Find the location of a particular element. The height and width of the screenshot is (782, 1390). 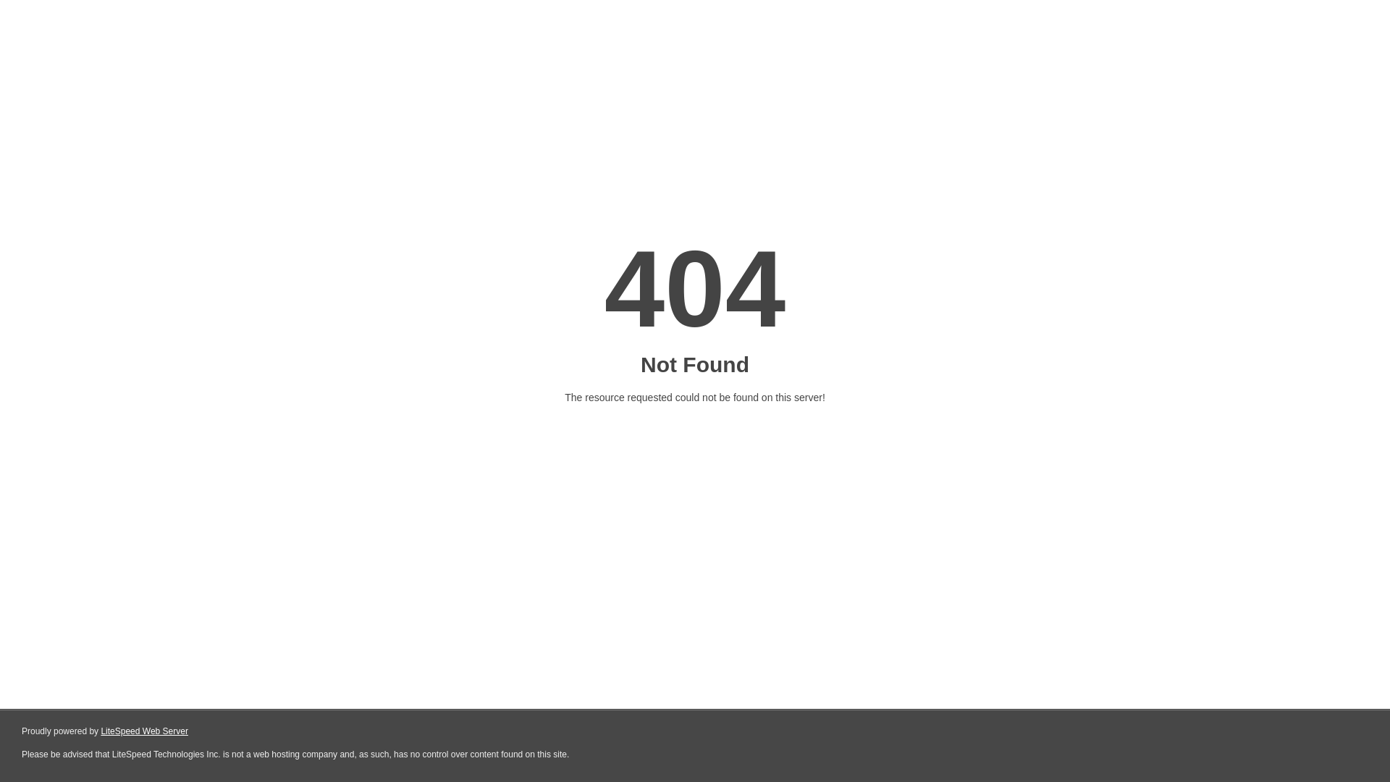

'LiteSpeed Web Server' is located at coordinates (100, 731).